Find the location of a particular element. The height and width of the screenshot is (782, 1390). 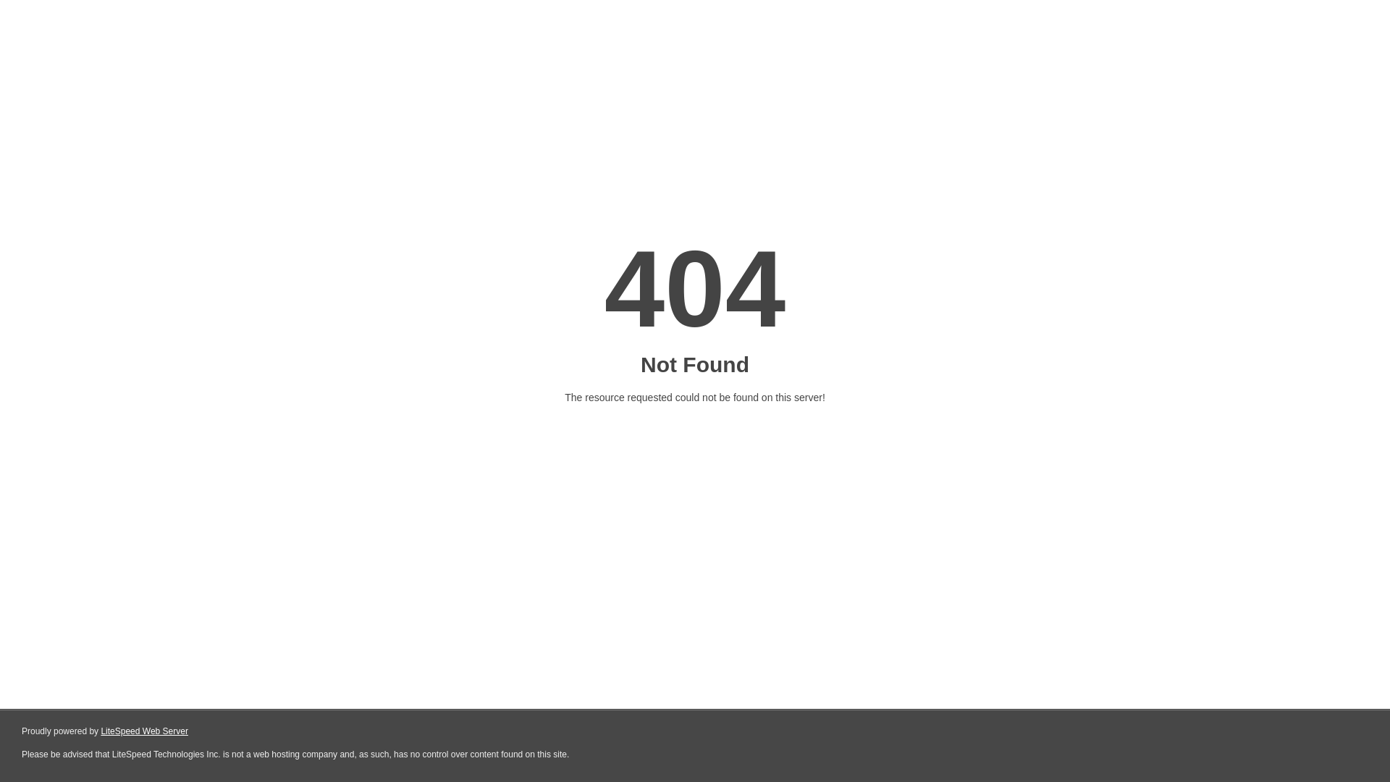

'LiteSpeed Web Server' is located at coordinates (100, 731).